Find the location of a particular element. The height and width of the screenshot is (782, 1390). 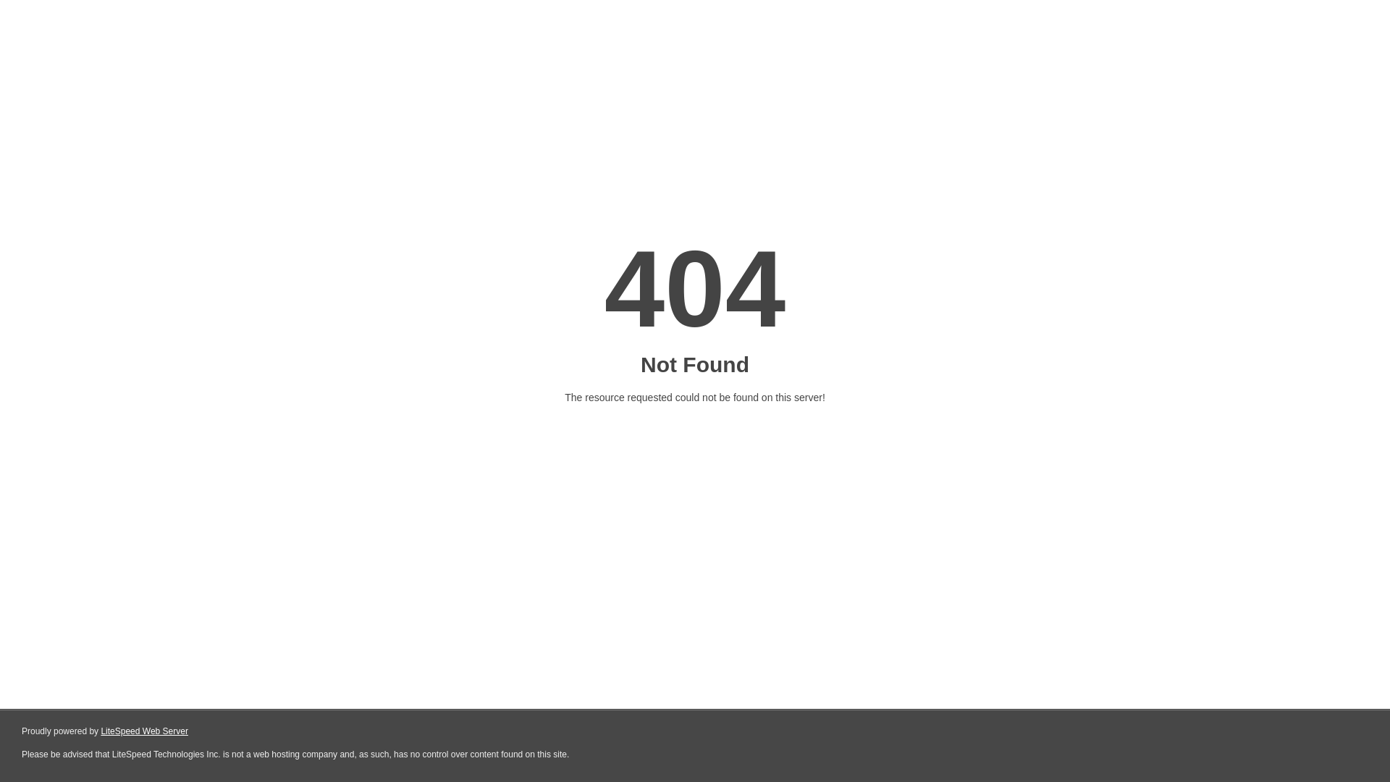

'LiteSpeed Web Server' is located at coordinates (100, 731).